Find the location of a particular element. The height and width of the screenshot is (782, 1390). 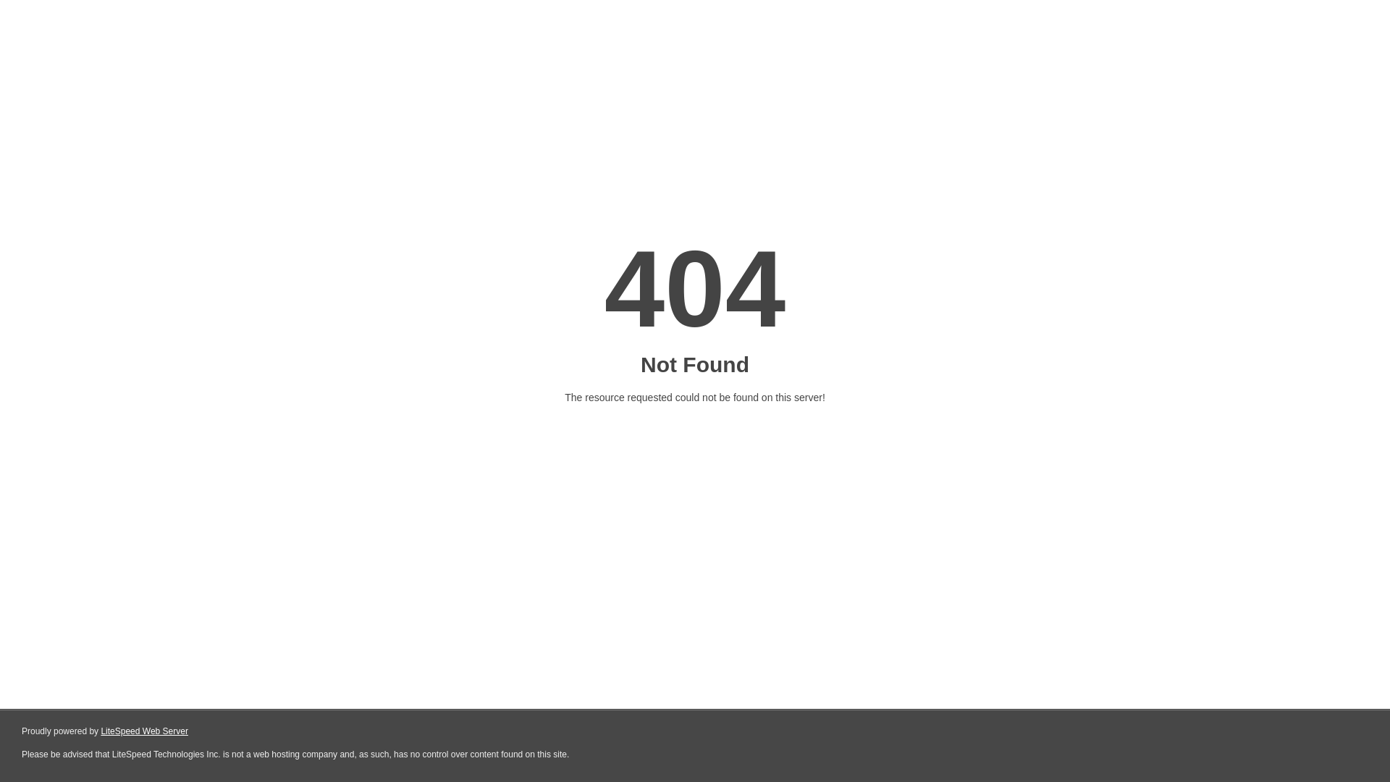

'LiteSpeed Web Server' is located at coordinates (100, 731).